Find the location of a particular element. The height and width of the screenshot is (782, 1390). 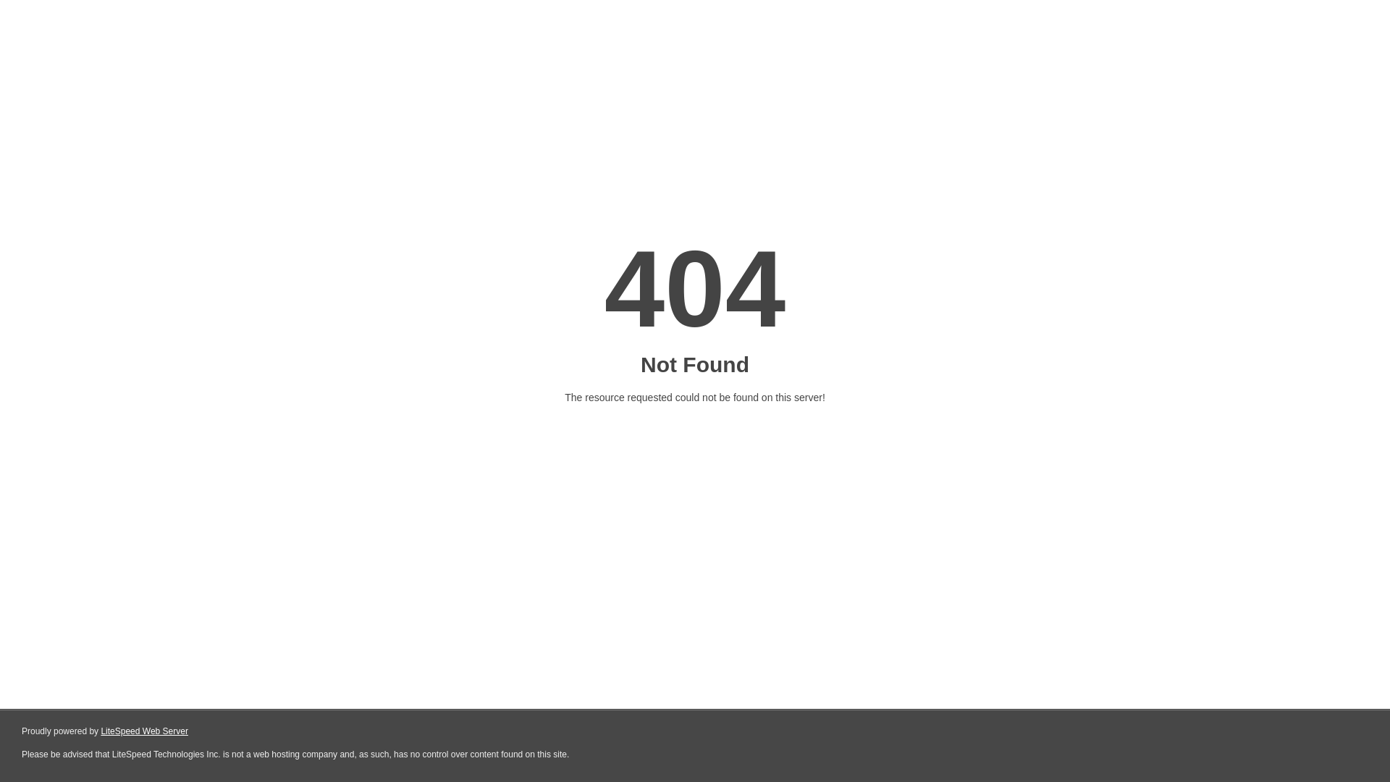

'LiteSpeed Web Server' is located at coordinates (100, 731).